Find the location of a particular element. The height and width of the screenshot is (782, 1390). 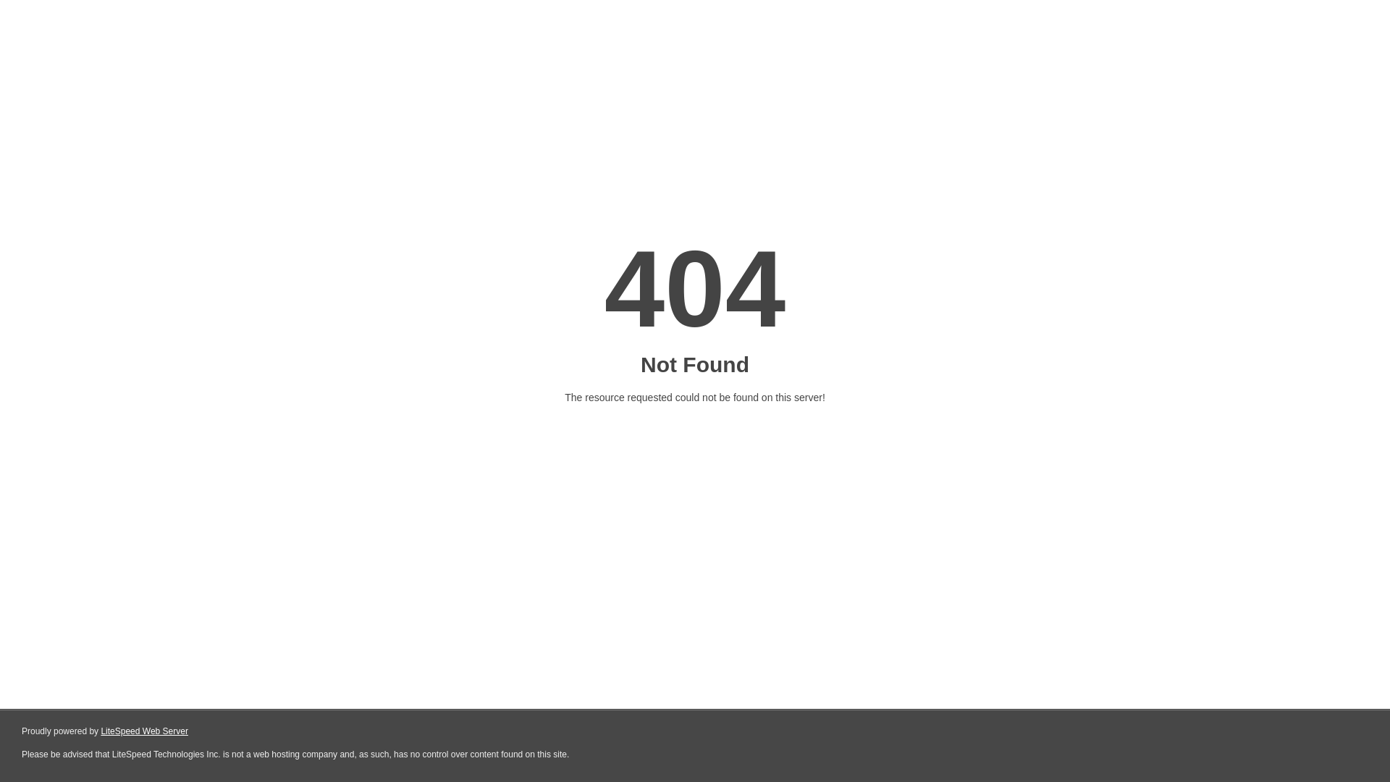

'LiteSpeed Web Server' is located at coordinates (100, 731).